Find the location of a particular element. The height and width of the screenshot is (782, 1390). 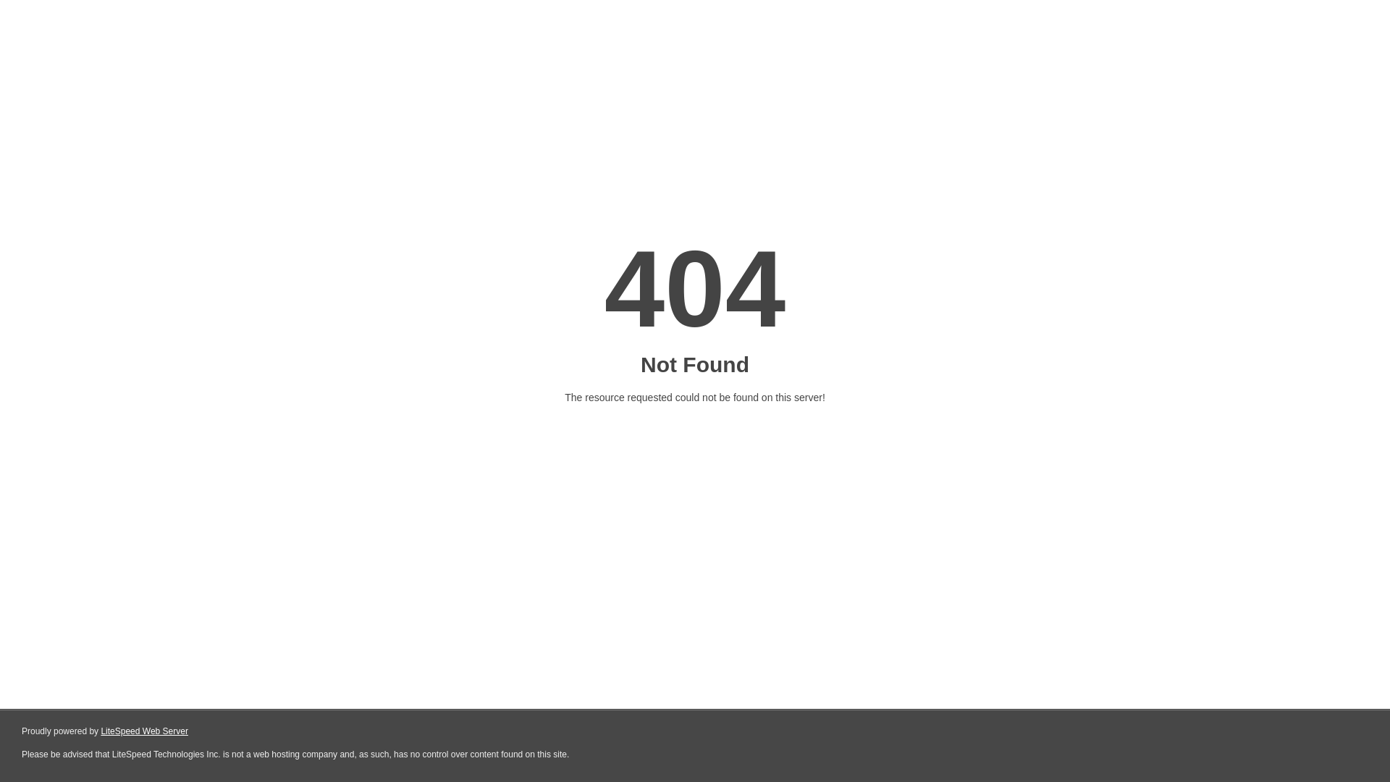

'LiteSpeed Web Server' is located at coordinates (100, 731).